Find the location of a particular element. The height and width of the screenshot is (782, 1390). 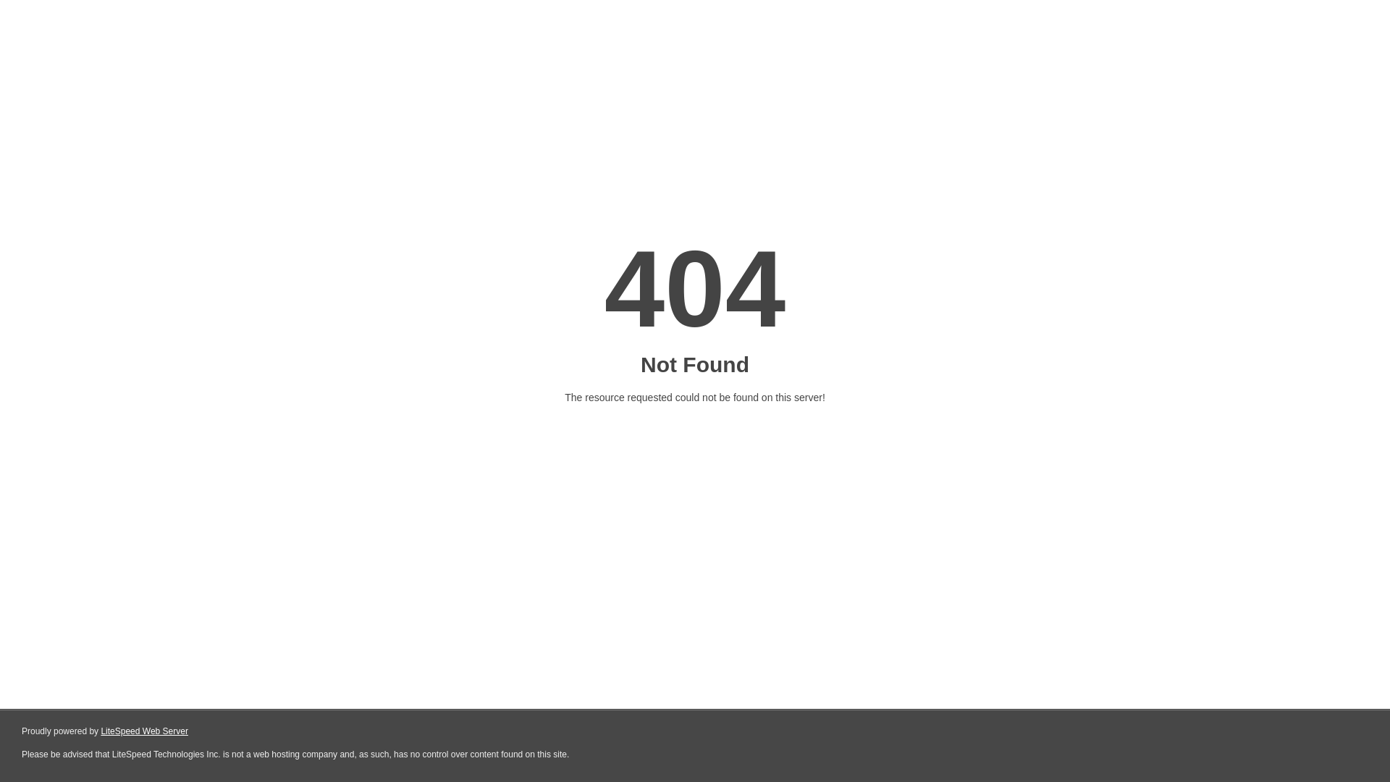

'LiteSpeed Web Server' is located at coordinates (100, 731).